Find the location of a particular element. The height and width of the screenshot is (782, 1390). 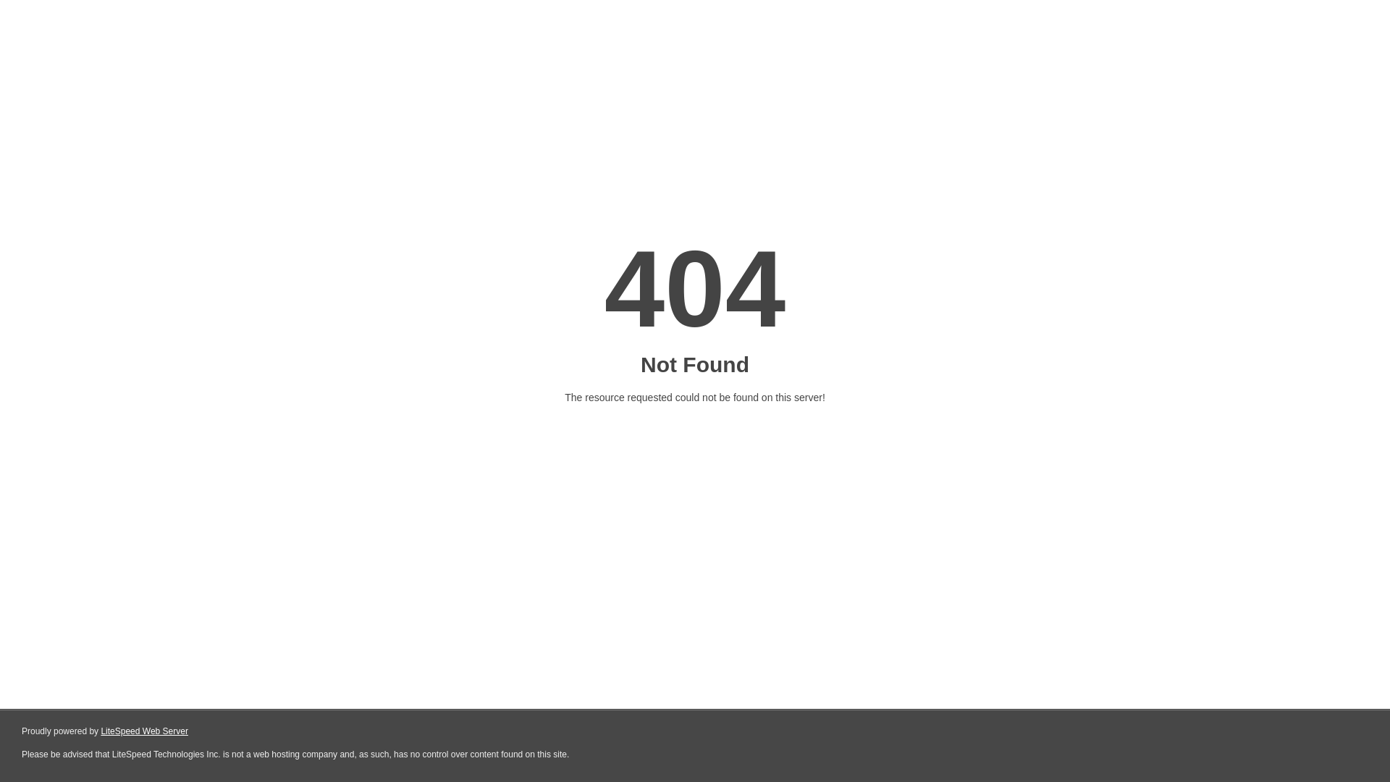

'LiteSpeed Web Server' is located at coordinates (100, 731).